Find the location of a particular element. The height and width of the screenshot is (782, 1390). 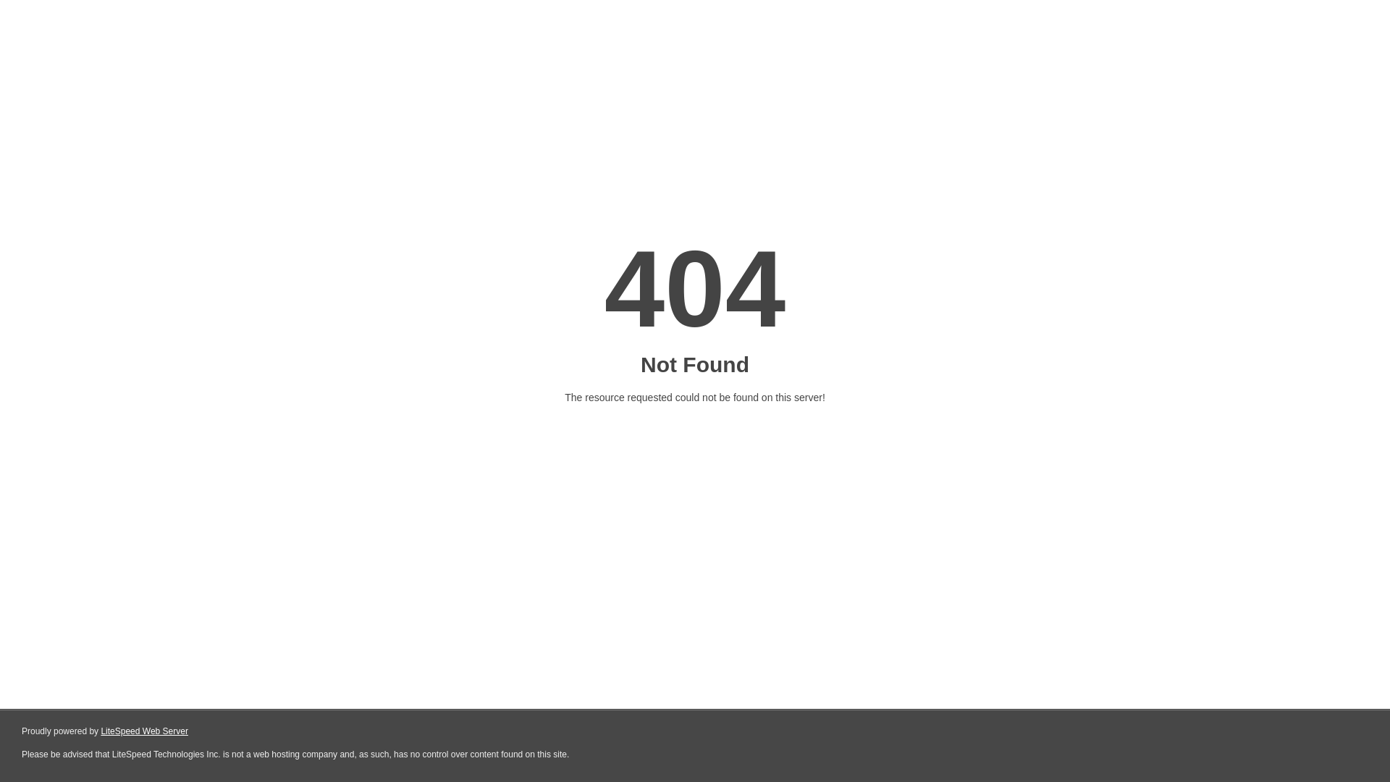

'LiteSpeed Web Server' is located at coordinates (100, 731).